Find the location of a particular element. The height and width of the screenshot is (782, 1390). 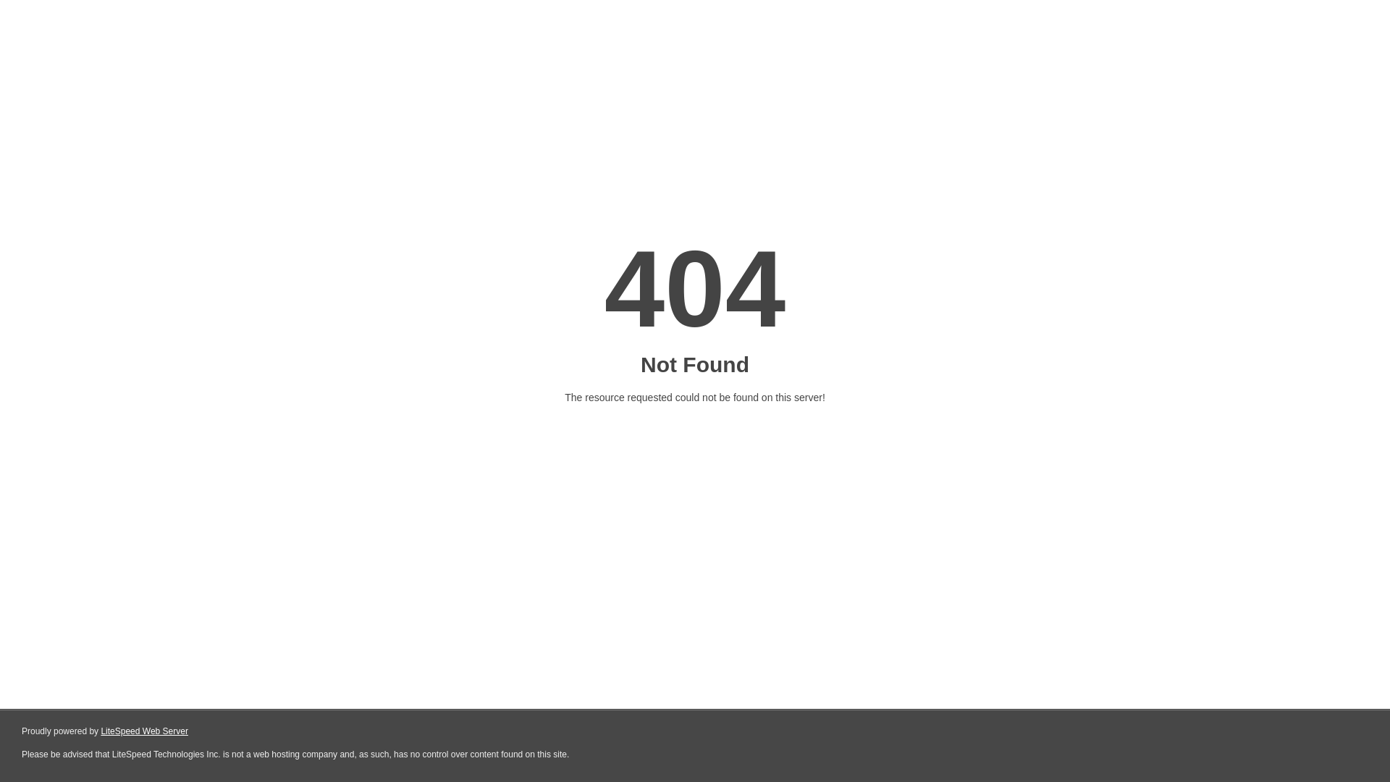

'LiteSpeed Web Server' is located at coordinates (100, 731).